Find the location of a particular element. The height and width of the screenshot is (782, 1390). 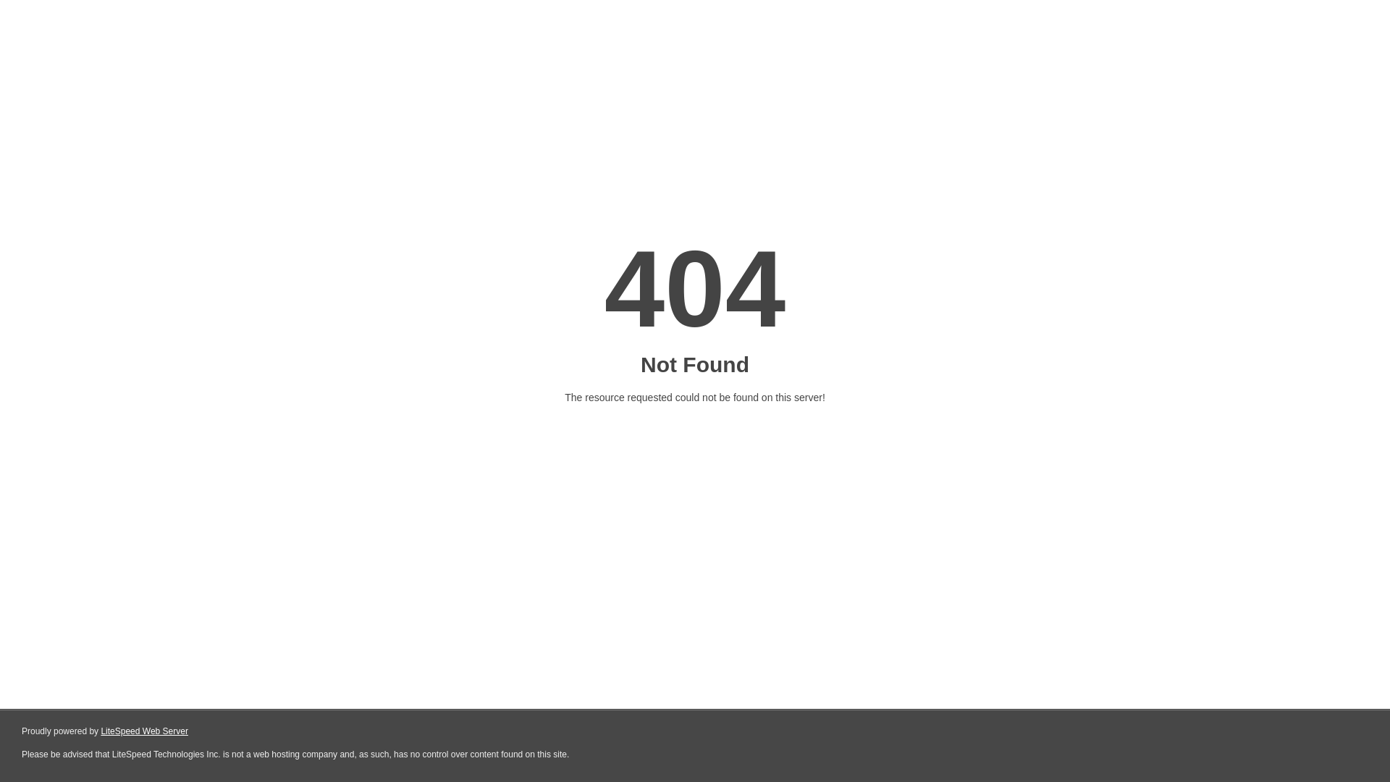

'LiteSpeed Web Server' is located at coordinates (100, 731).